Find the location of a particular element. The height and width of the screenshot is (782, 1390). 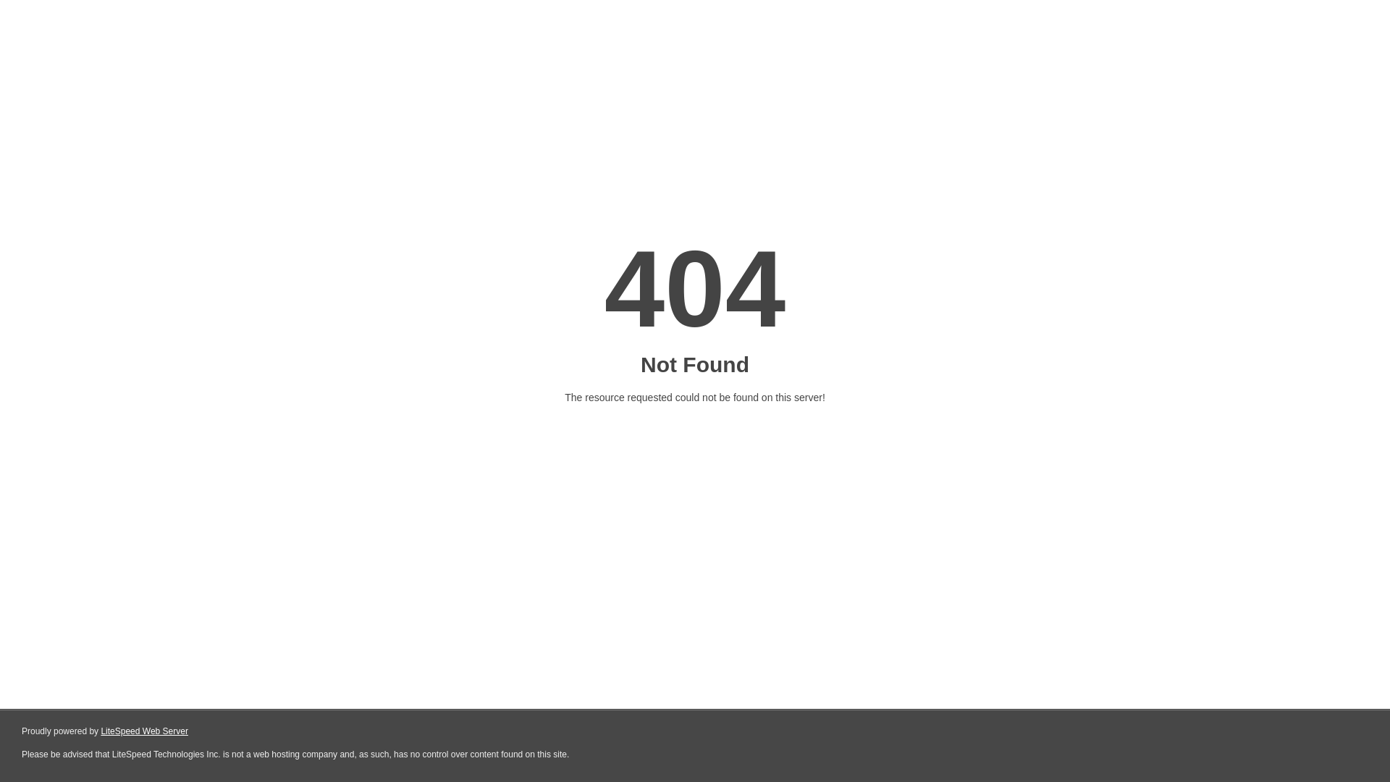

'LiteSpeed Web Server' is located at coordinates (100, 731).